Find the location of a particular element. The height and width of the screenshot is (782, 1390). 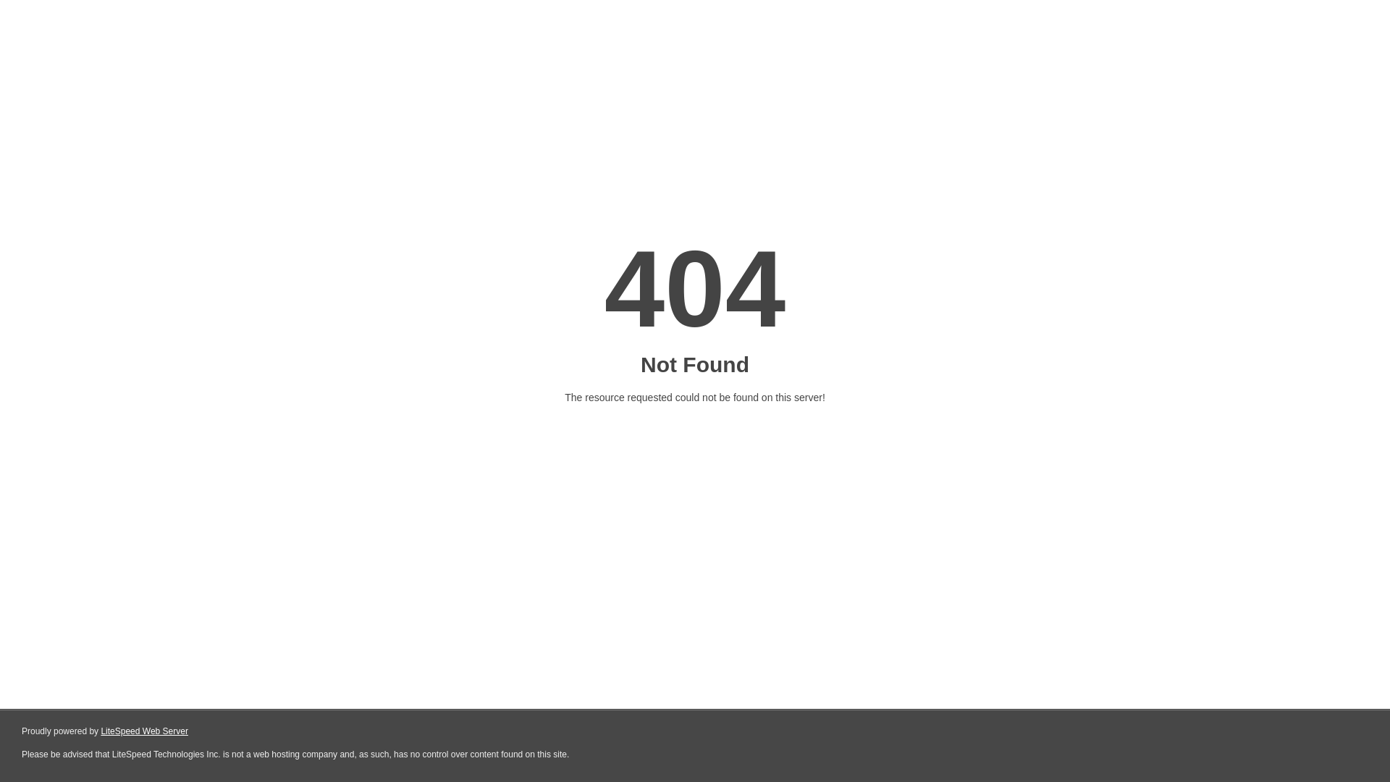

'LiteSpeed Web Server' is located at coordinates (100, 731).